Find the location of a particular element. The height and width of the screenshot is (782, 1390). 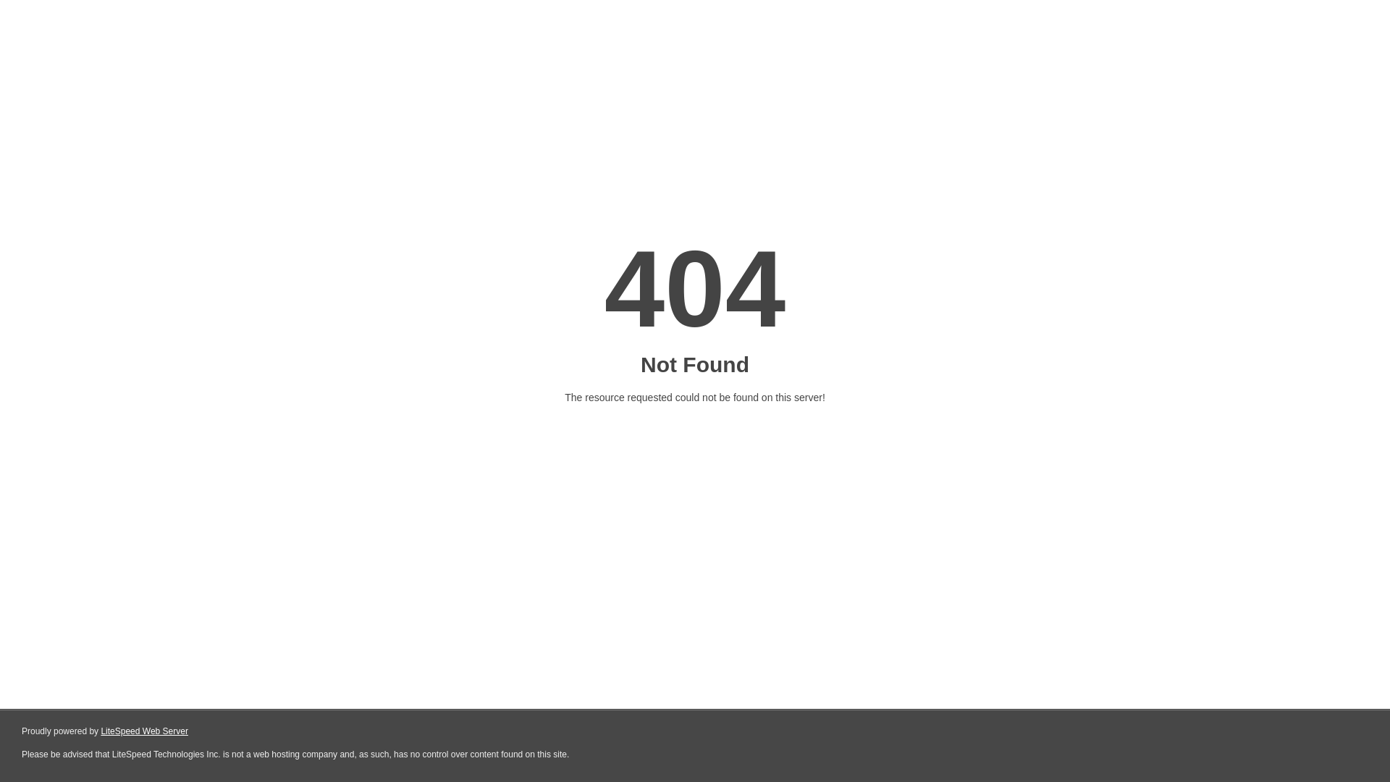

'LiteSpeed Web Server' is located at coordinates (100, 731).